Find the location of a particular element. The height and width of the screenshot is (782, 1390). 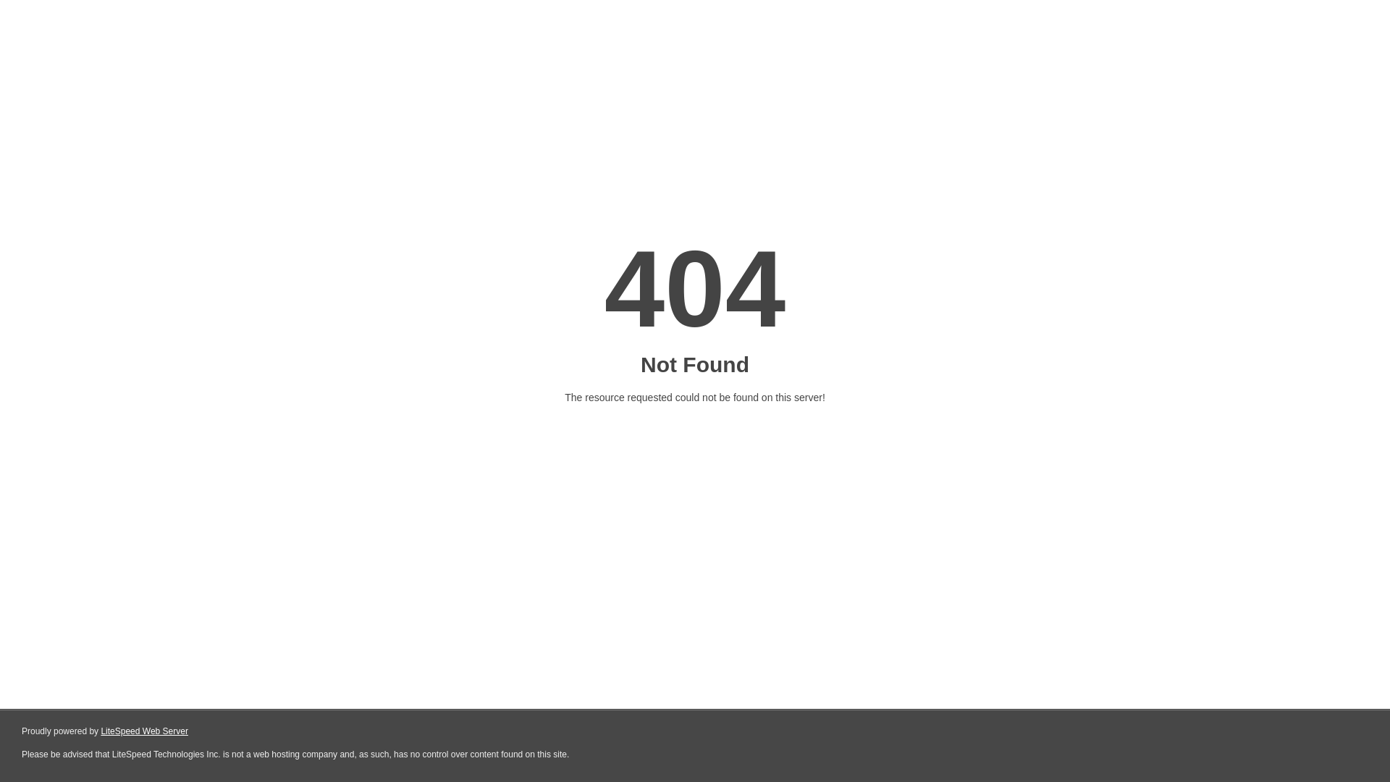

'LiteSpeed Web Server' is located at coordinates (100, 731).